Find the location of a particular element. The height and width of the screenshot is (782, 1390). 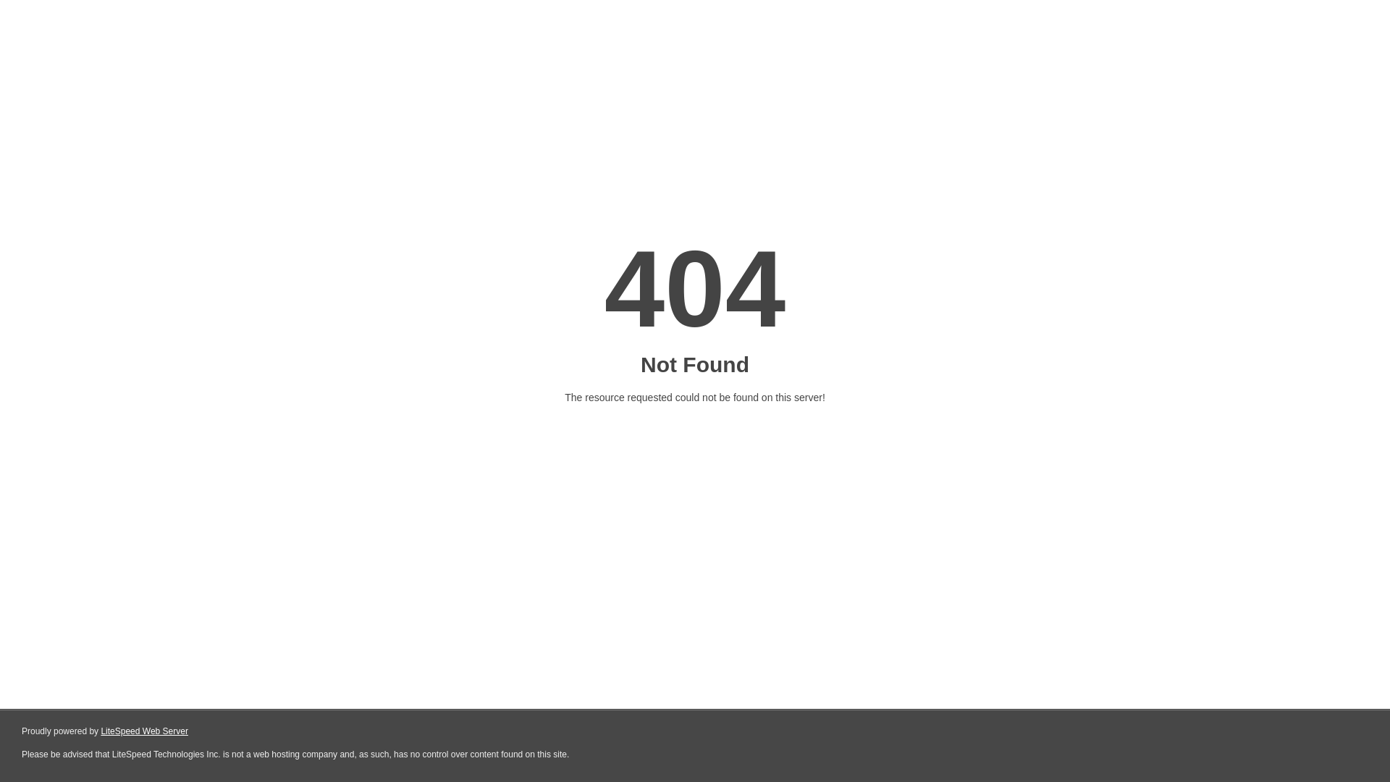

'LiteSpeed Web Server' is located at coordinates (100, 731).